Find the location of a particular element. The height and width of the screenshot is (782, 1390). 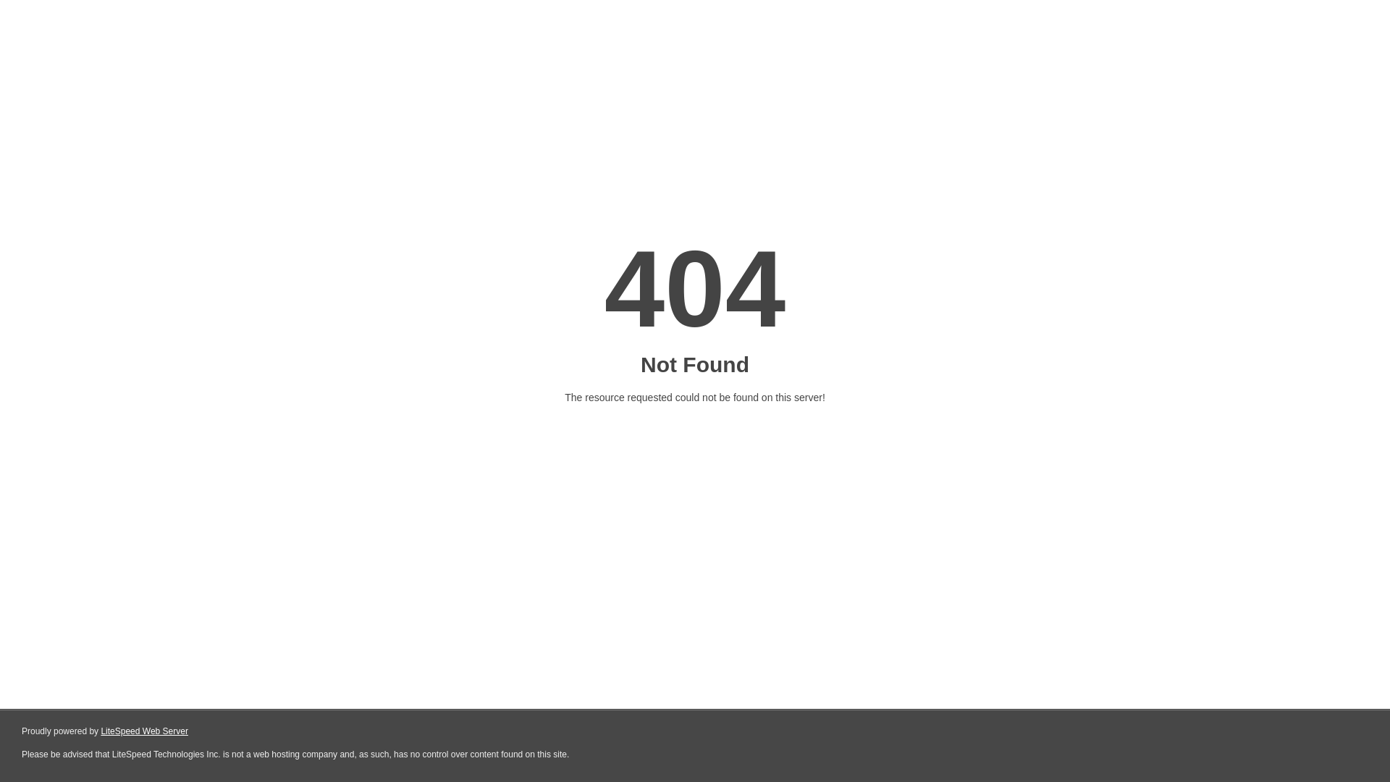

'LiteSpeed Web Server' is located at coordinates (100, 731).